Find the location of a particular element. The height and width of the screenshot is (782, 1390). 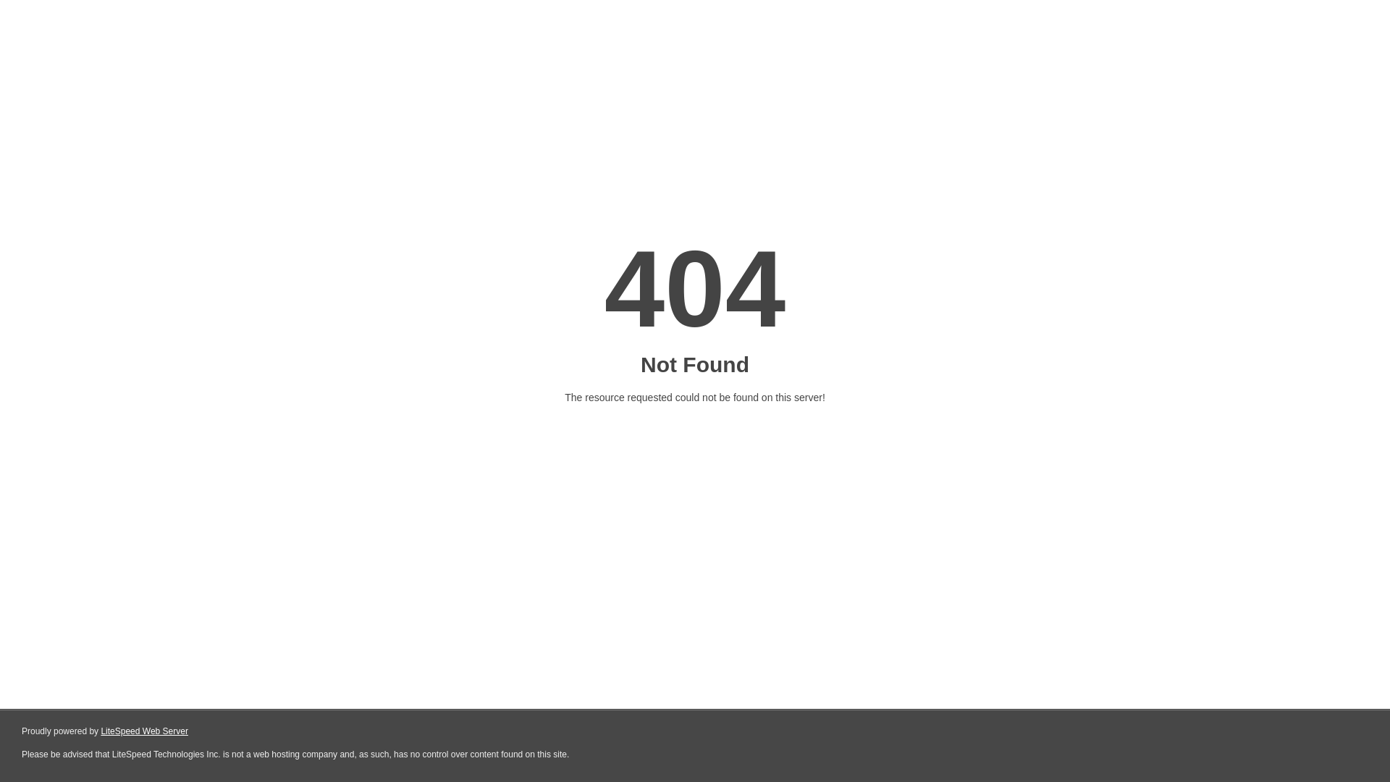

'LiteSpeed Web Server' is located at coordinates (100, 731).